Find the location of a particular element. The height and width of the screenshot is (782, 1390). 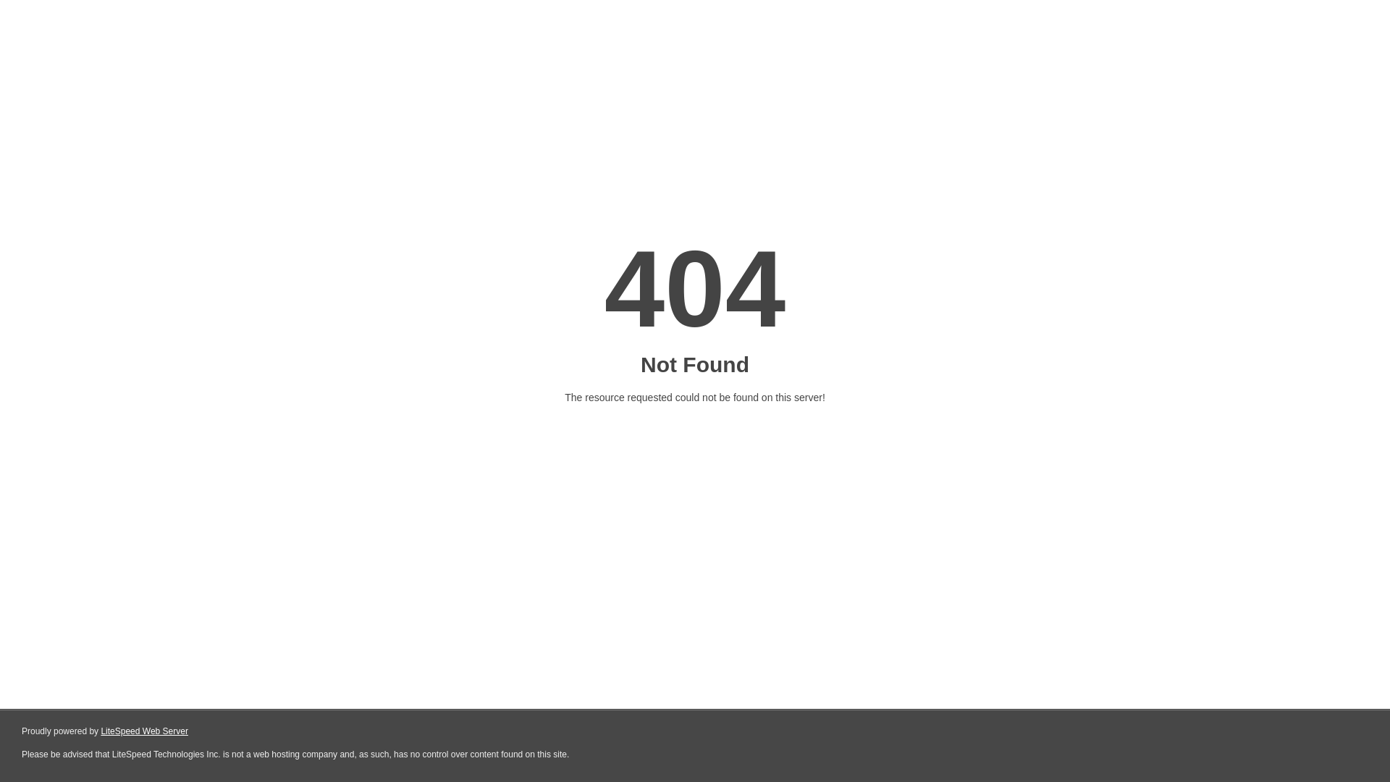

'LiteSpeed Web Server' is located at coordinates (100, 731).